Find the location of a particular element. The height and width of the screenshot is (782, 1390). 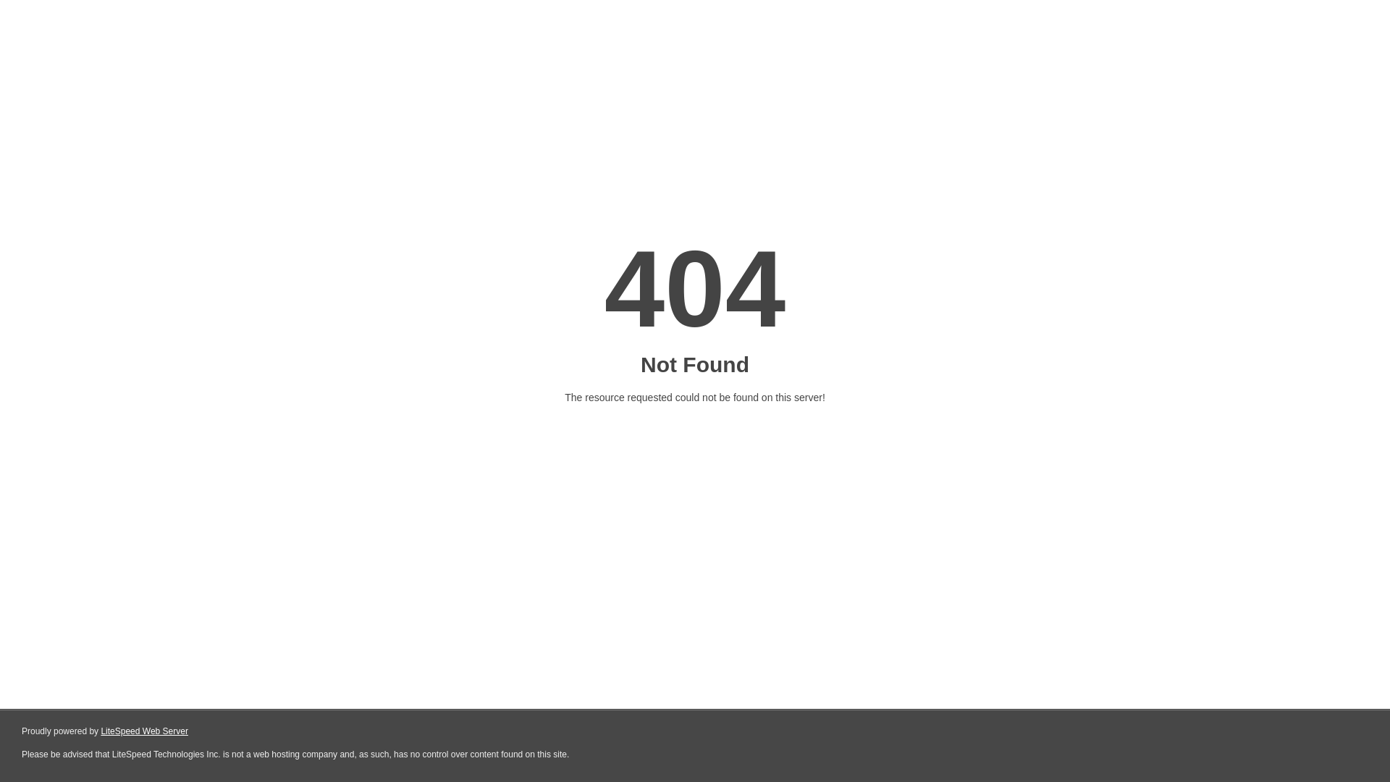

'LiteSpeed Web Server' is located at coordinates (100, 731).